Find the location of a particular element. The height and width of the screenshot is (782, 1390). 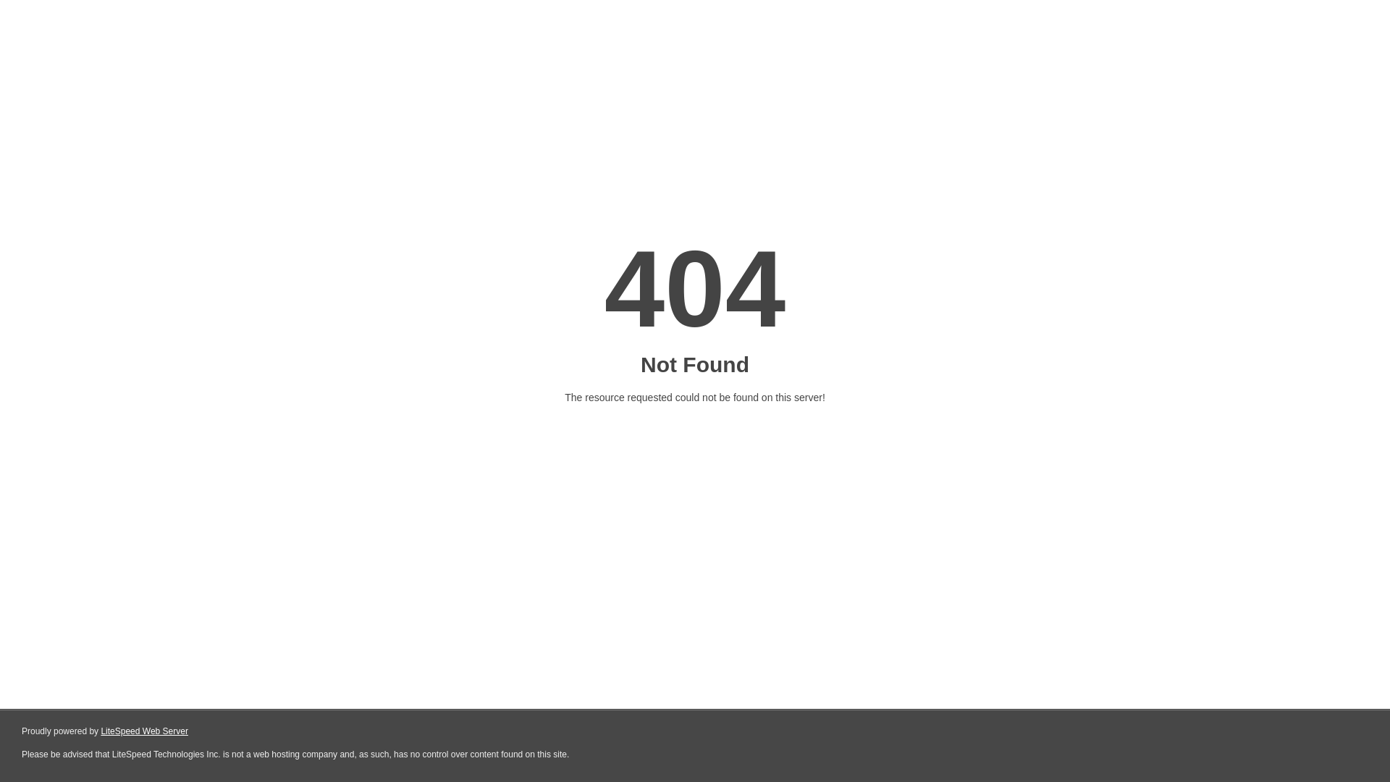

'LiteSpeed Web Server' is located at coordinates (100, 731).